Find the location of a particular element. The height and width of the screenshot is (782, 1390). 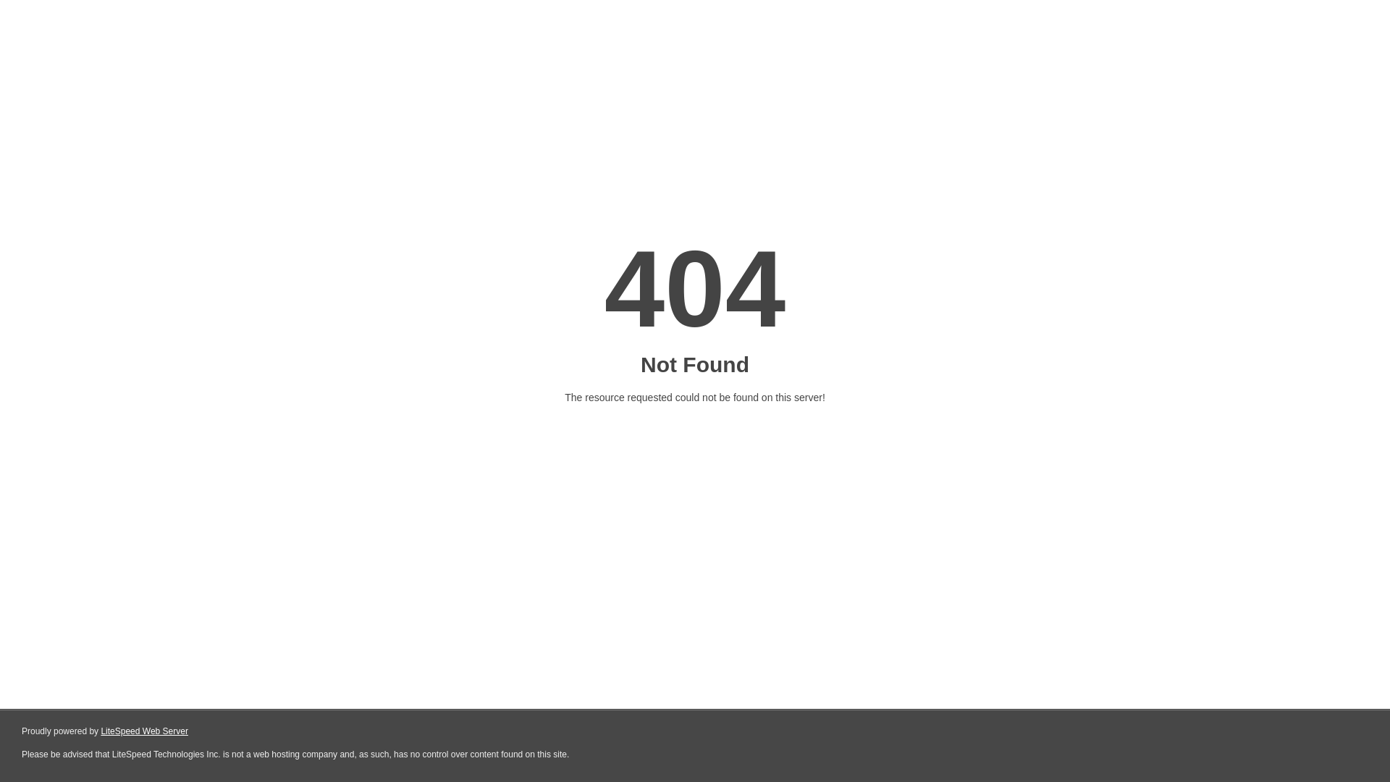

'LiteSpeed Web Server' is located at coordinates (100, 731).